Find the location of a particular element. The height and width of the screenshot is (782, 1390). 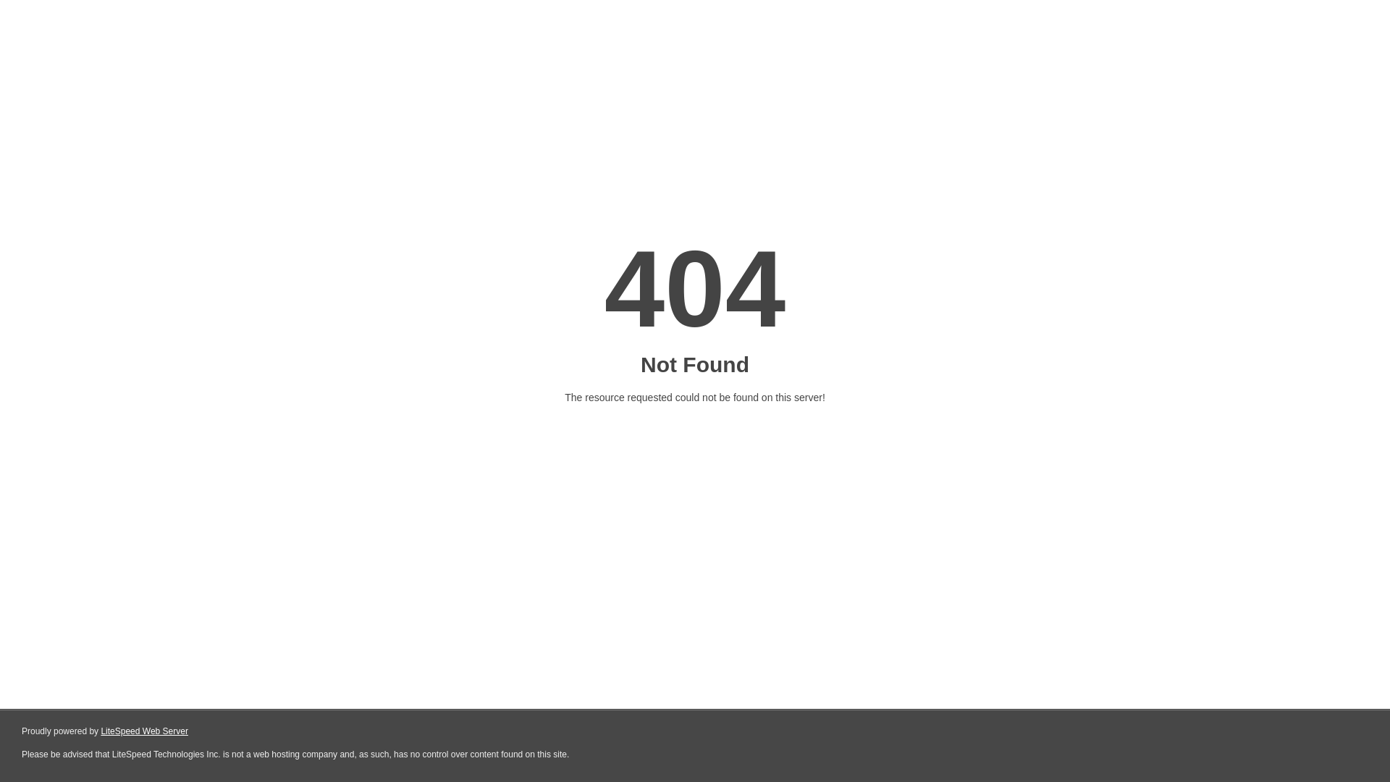

'LiteSpeed Web Server' is located at coordinates (100, 731).